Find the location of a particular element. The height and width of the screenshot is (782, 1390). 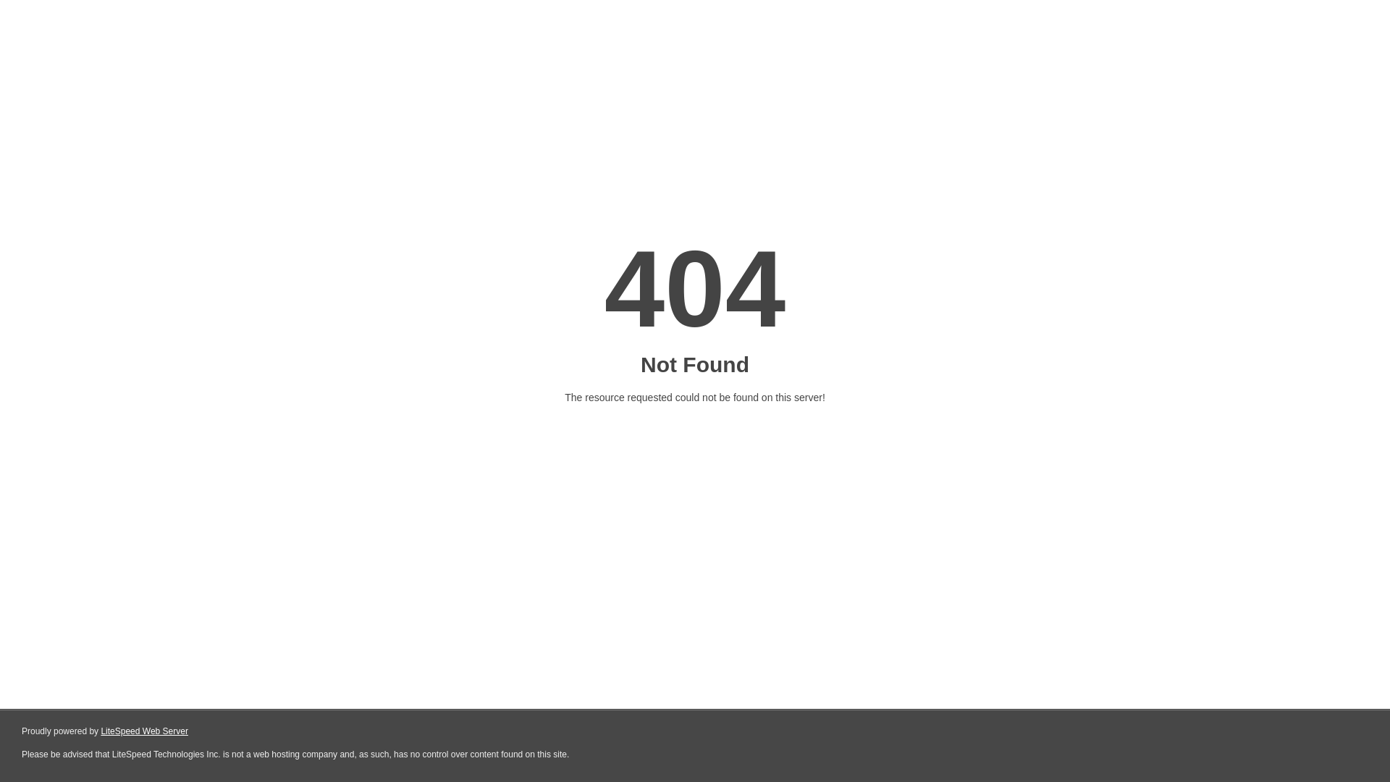

'LiteSpeed Web Server' is located at coordinates (100, 731).